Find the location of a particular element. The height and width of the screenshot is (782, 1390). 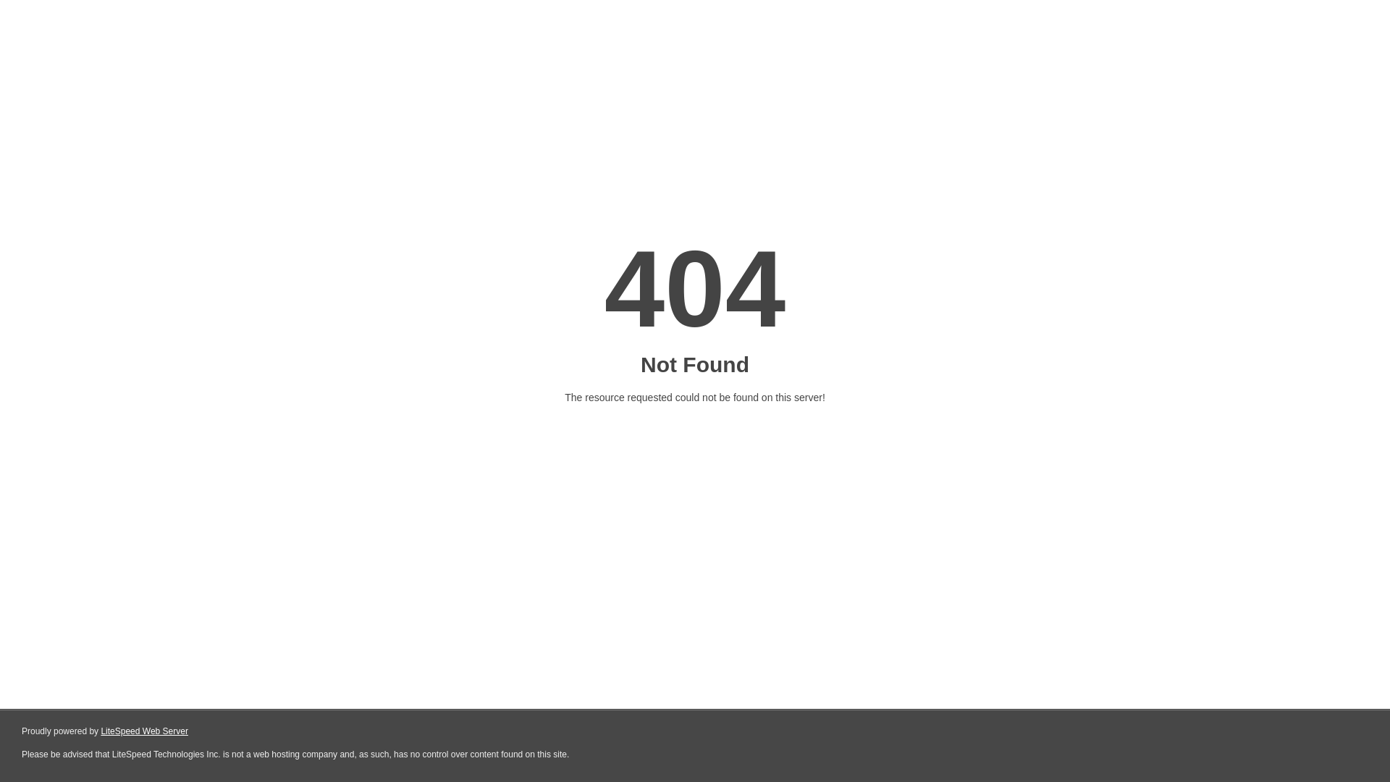

'LiteSpeed Web Server' is located at coordinates (100, 731).